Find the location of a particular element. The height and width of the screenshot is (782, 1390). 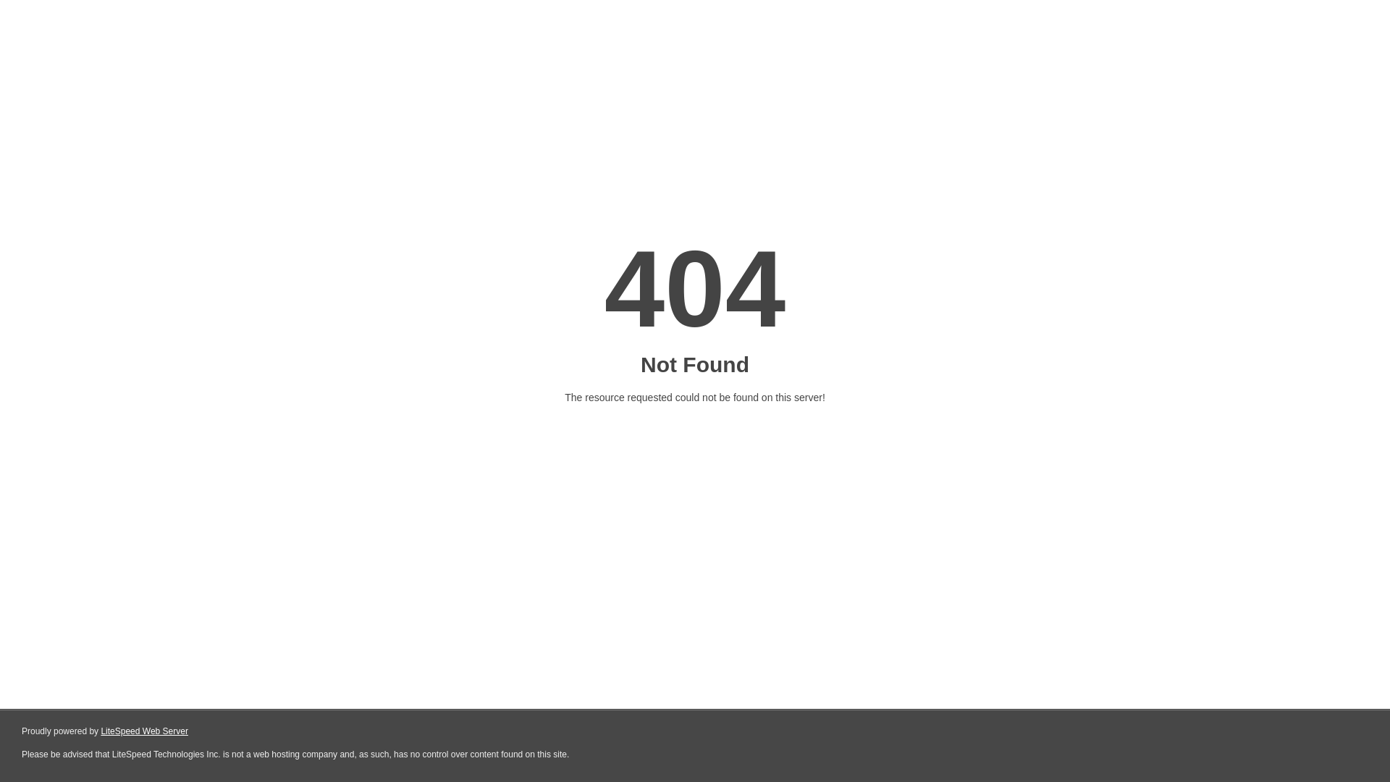

'LiteSpeed Web Server' is located at coordinates (100, 731).